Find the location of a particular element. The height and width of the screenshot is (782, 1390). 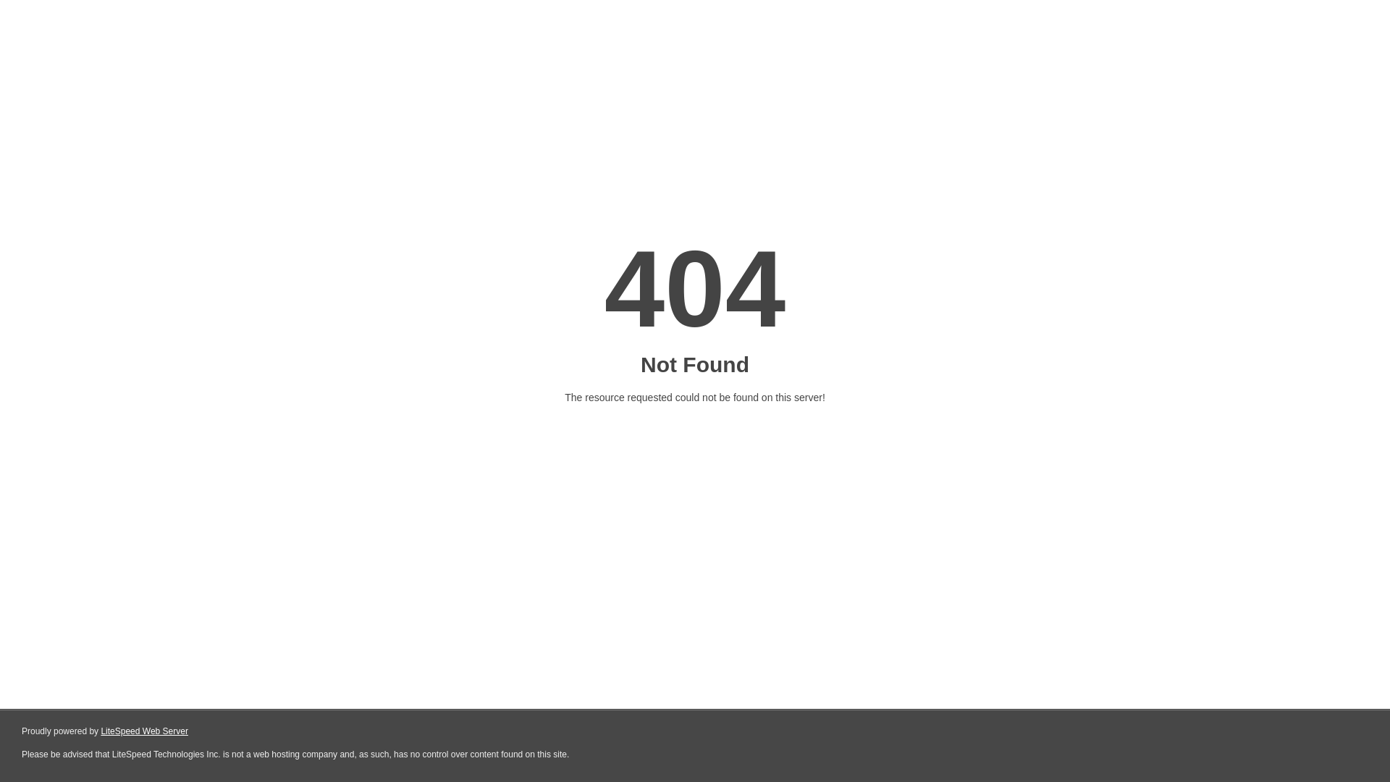

'LiteSpeed Web Server' is located at coordinates (100, 731).